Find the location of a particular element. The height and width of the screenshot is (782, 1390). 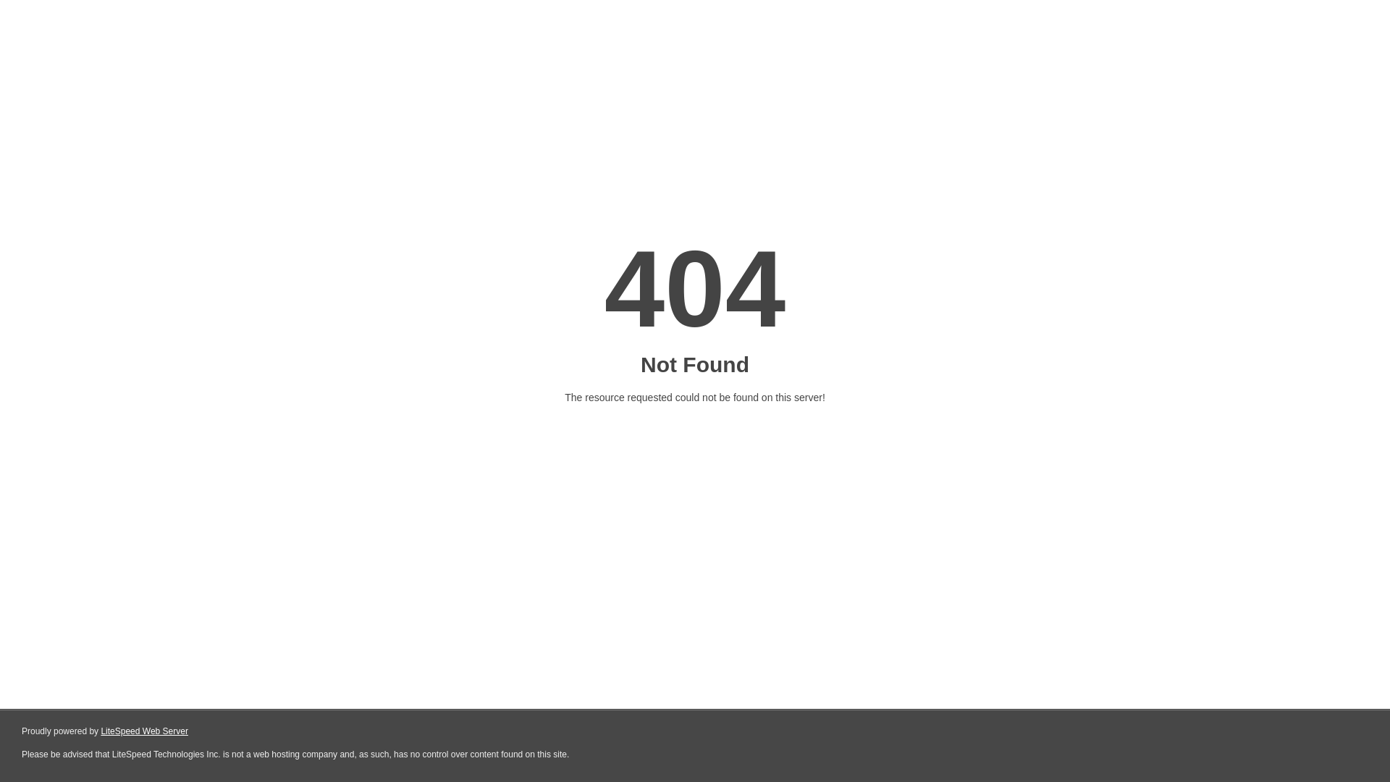

'LiteSpeed Web Server' is located at coordinates (100, 731).